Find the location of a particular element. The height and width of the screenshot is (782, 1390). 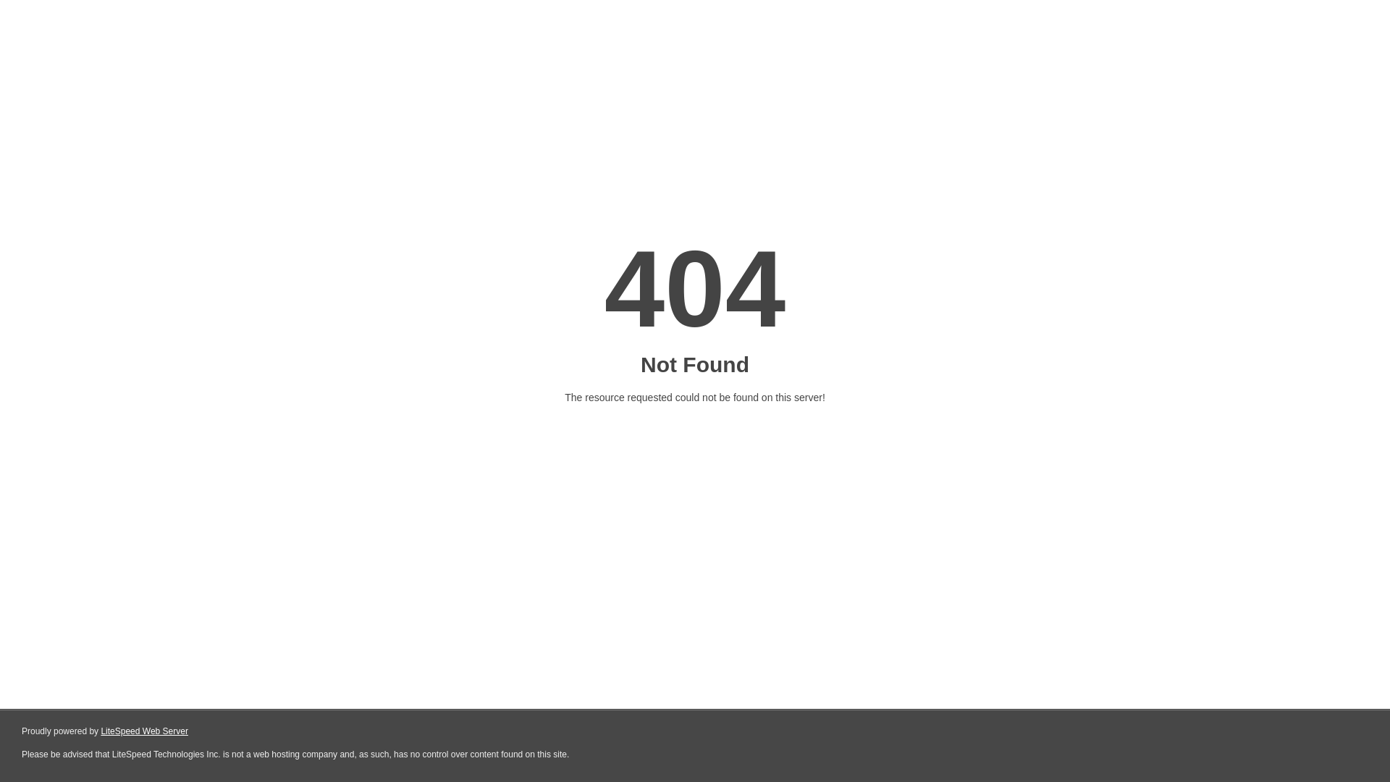

'LiteSpeed Web Server' is located at coordinates (100, 731).